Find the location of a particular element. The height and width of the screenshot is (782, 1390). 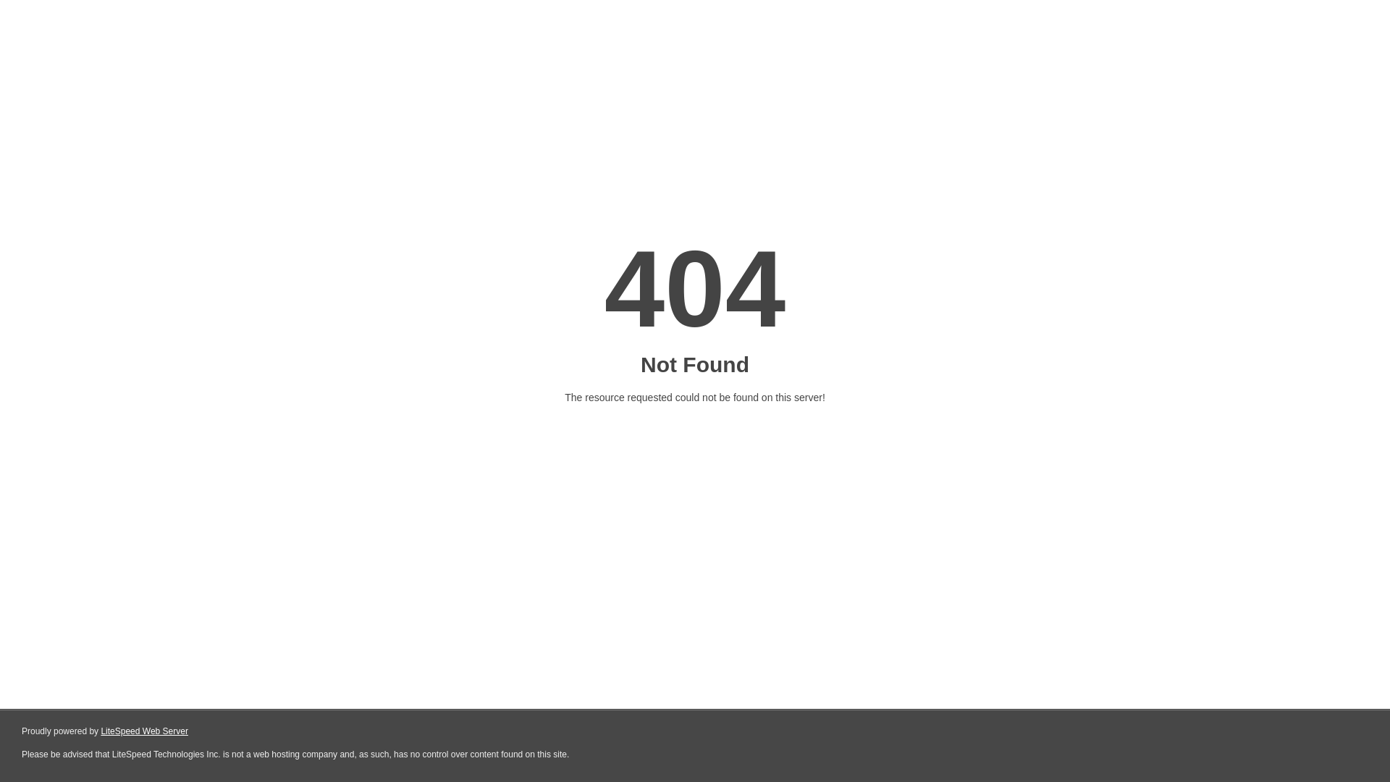

'LiteSpeed Web Server' is located at coordinates (100, 731).